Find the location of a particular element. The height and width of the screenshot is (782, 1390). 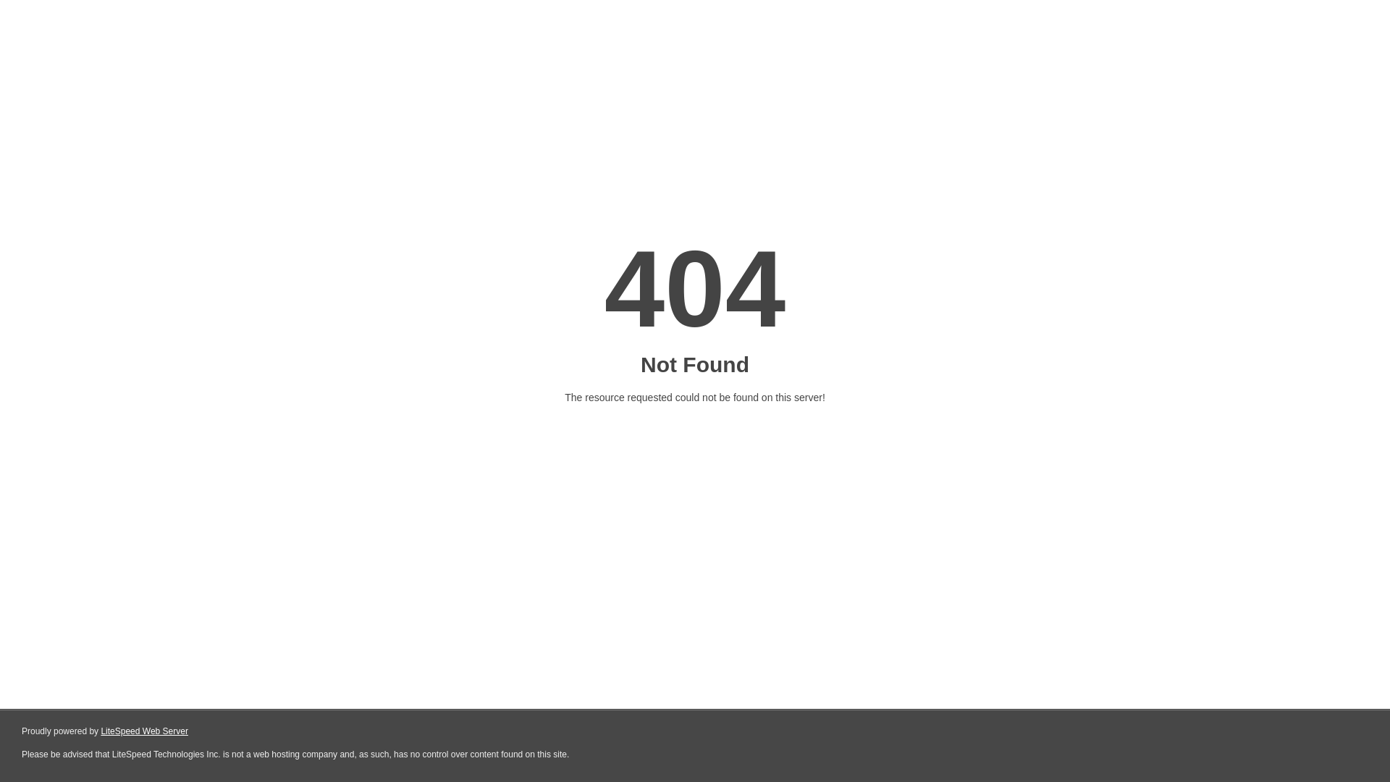

'LiteSpeed Web Server' is located at coordinates (100, 731).